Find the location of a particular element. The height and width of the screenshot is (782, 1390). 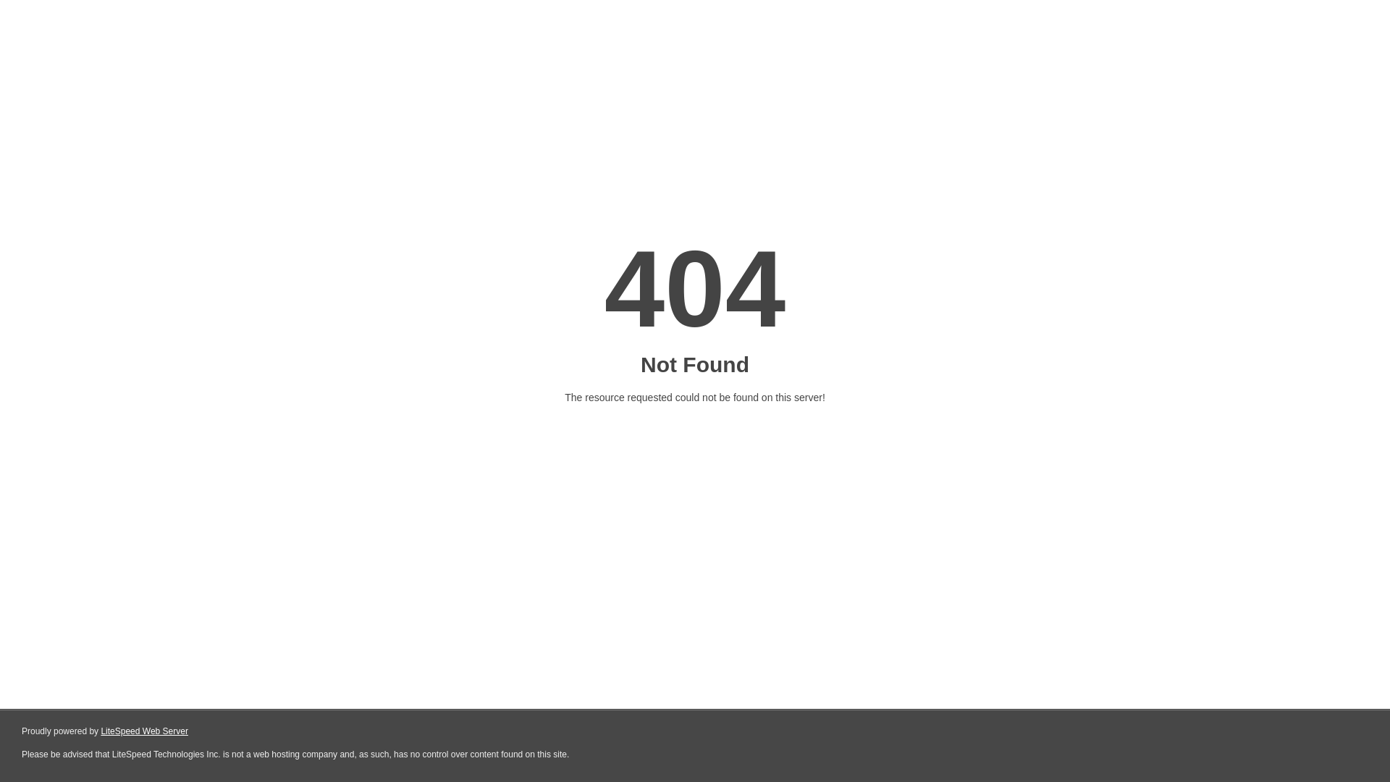

'LiteSpeed Web Server' is located at coordinates (100, 731).